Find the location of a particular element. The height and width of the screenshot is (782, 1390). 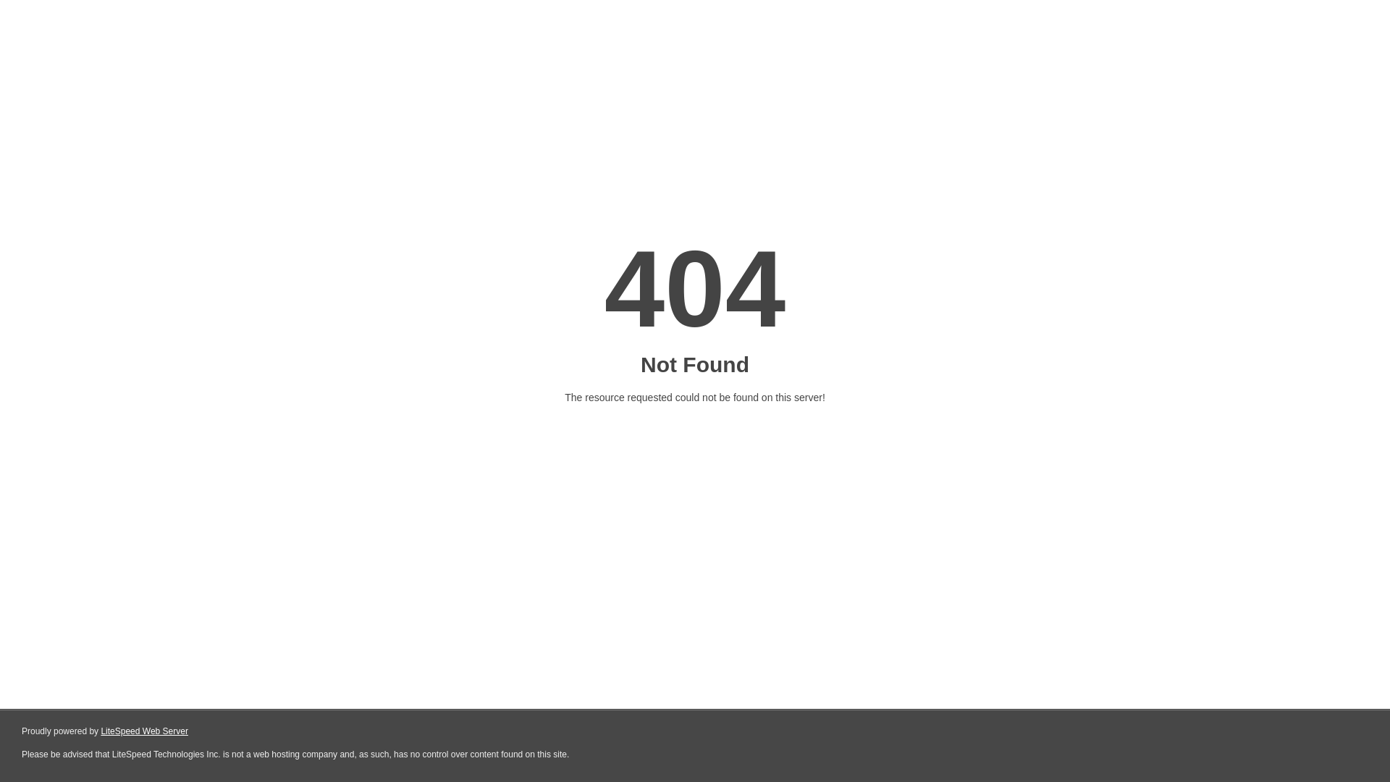

'LiteSpeed Web Server' is located at coordinates (100, 731).